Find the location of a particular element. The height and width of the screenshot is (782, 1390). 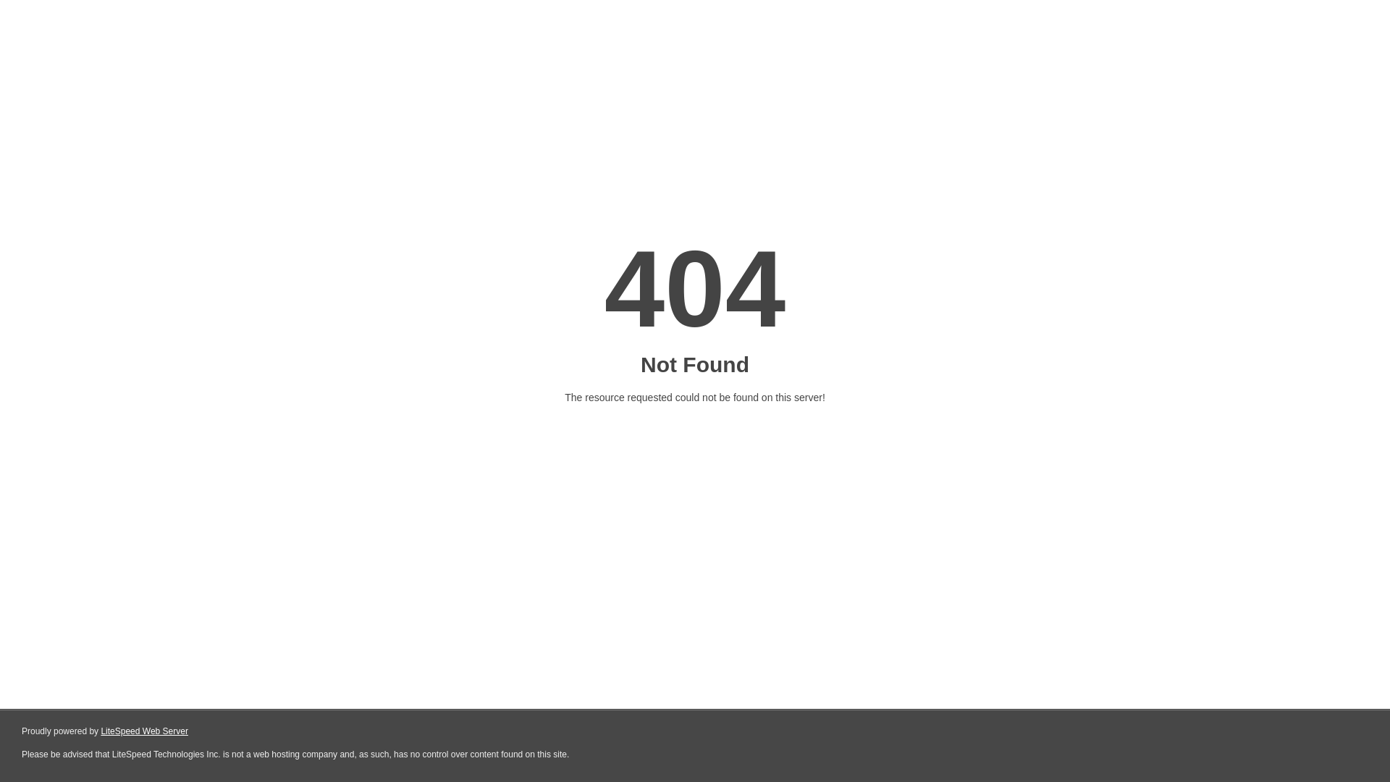

'LiteSpeed Web Server' is located at coordinates (100, 731).